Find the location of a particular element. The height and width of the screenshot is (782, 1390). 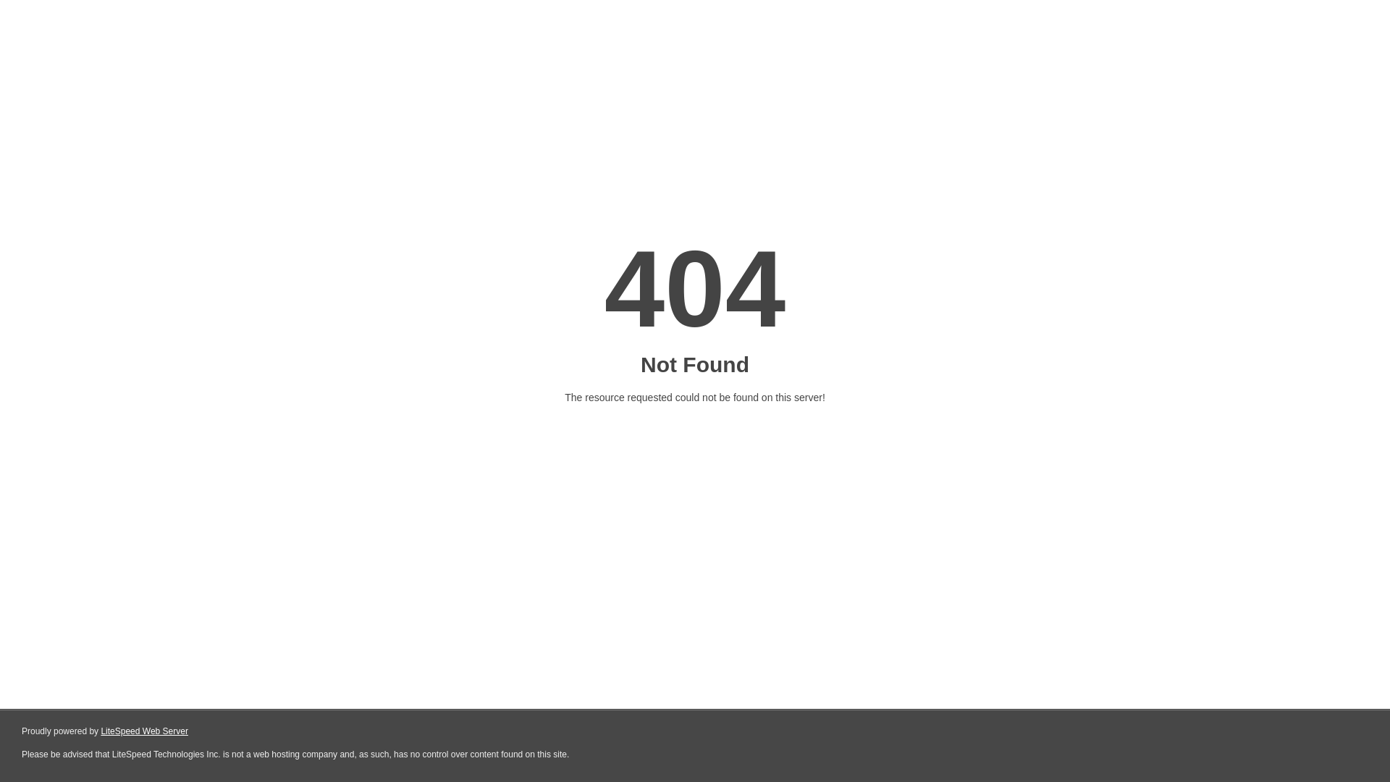

'LiteSpeed Web Server' is located at coordinates (100, 731).